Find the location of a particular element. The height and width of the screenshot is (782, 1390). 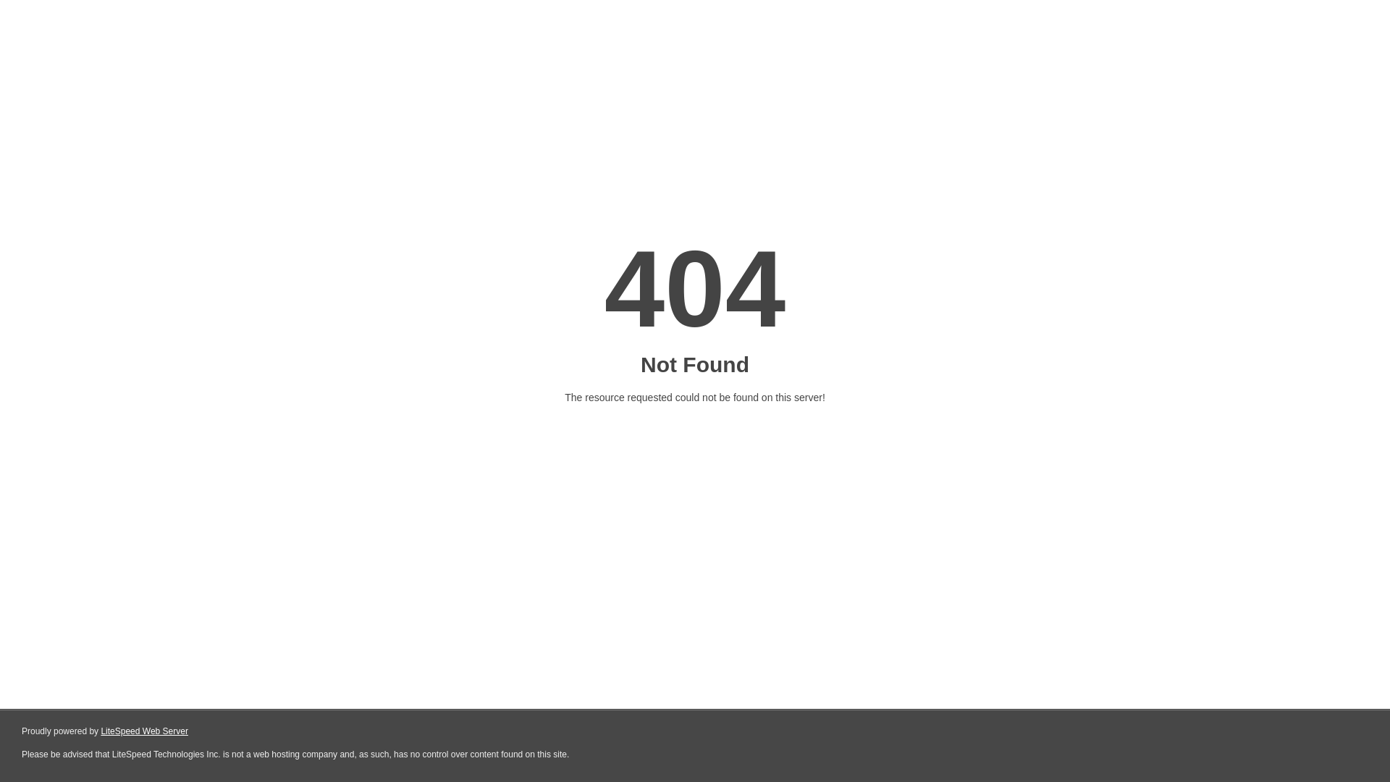

'LiteSpeed Web Server' is located at coordinates (100, 731).